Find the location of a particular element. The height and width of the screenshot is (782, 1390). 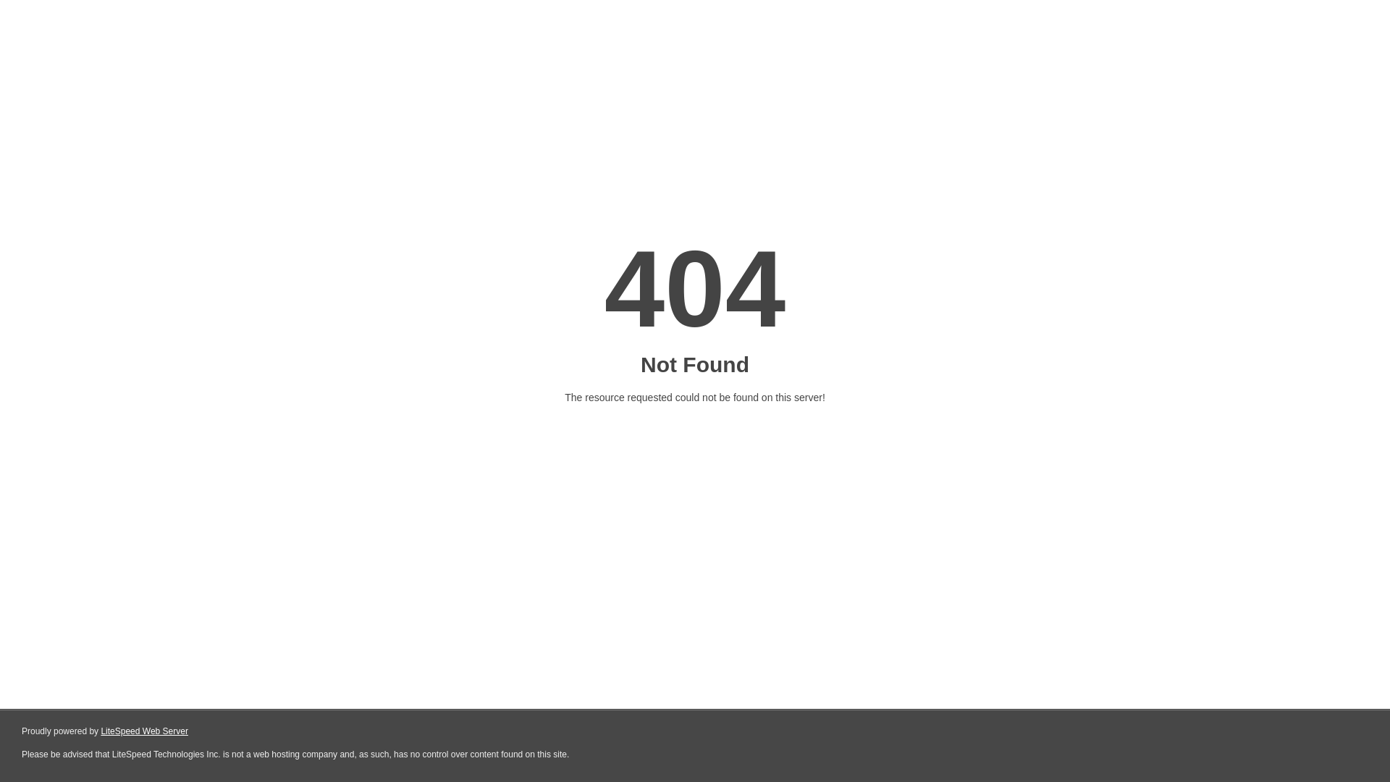

'LiteSpeed Web Server' is located at coordinates (100, 731).